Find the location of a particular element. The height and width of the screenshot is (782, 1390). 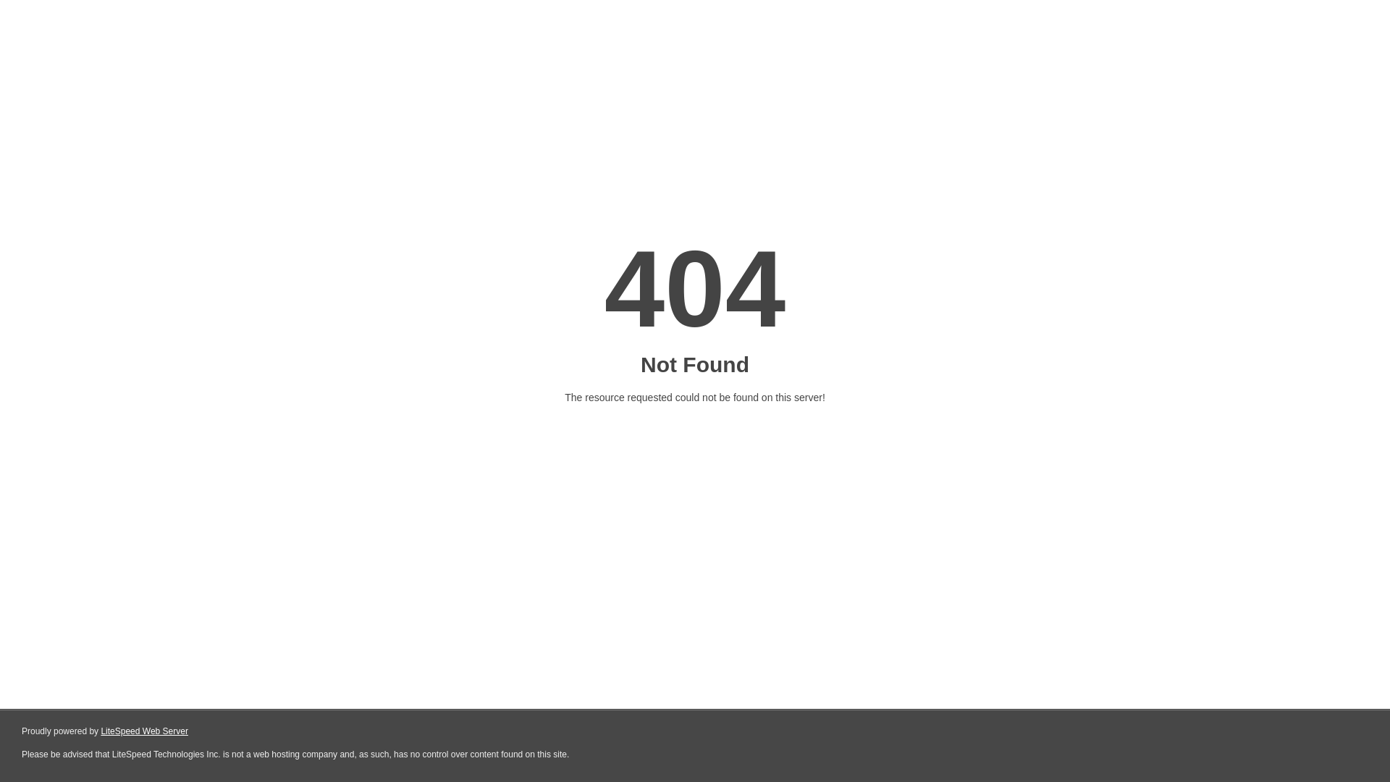

'LiteSpeed Web Server' is located at coordinates (100, 731).